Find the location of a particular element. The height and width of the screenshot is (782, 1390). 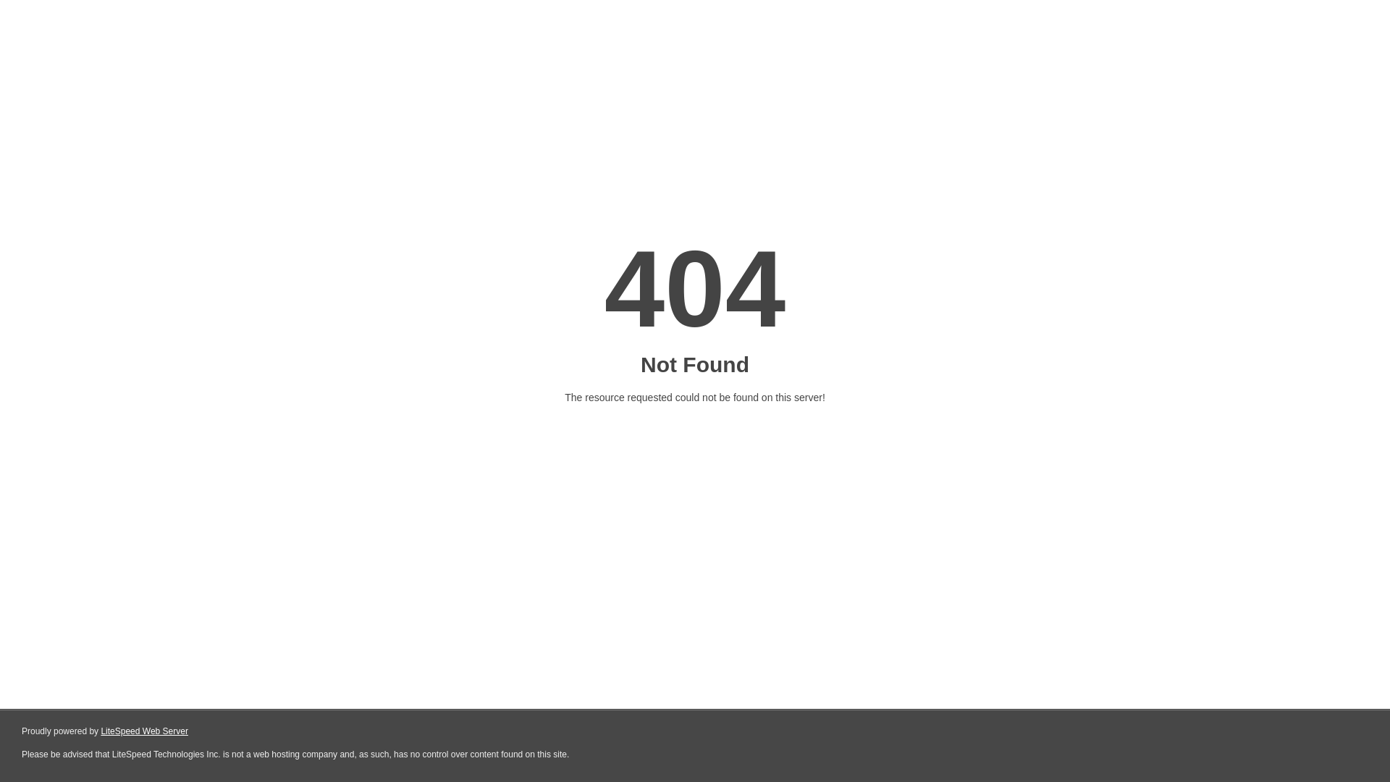

'LiteSpeed Web Server' is located at coordinates (100, 731).